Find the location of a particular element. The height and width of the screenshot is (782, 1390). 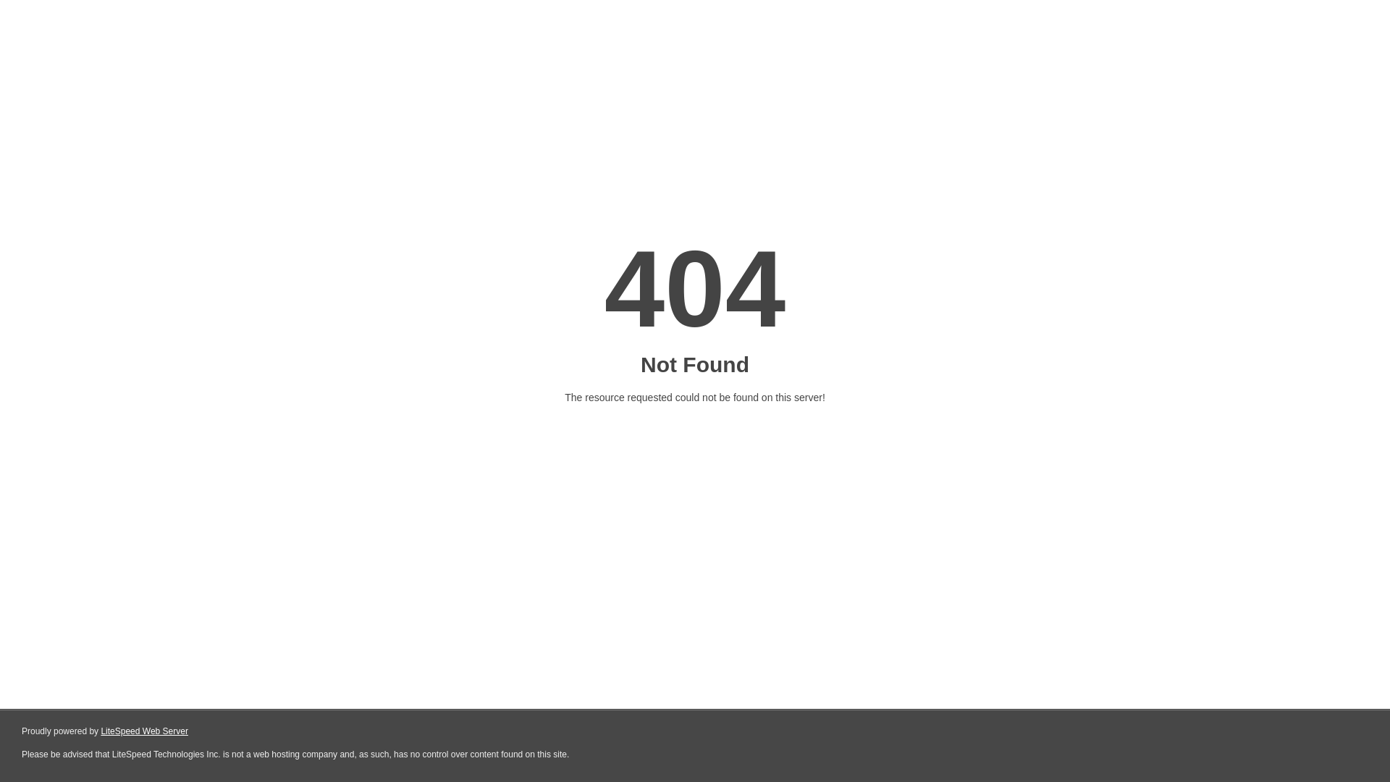

'LiteSpeed Web Server' is located at coordinates (100, 731).